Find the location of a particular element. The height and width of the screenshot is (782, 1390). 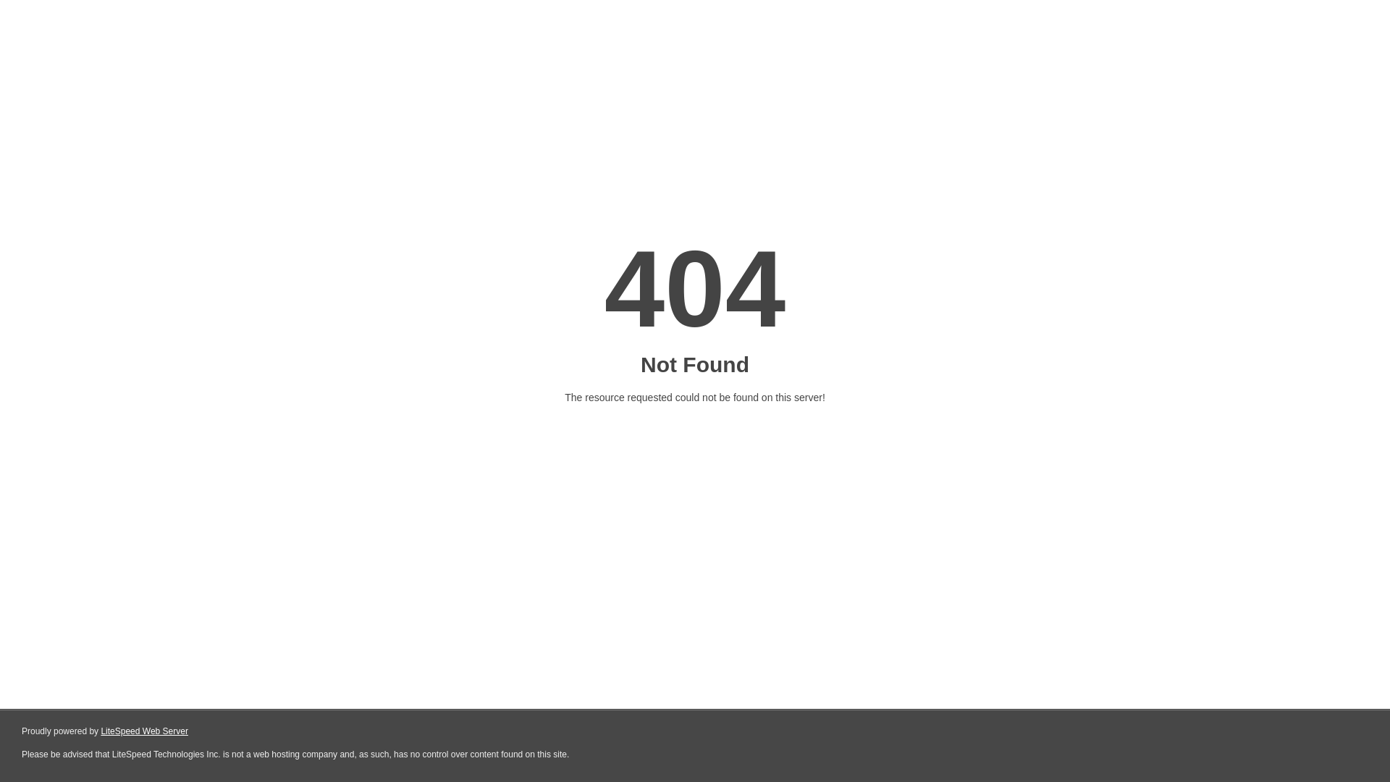

'LiteSpeed Web Server' is located at coordinates (100, 731).